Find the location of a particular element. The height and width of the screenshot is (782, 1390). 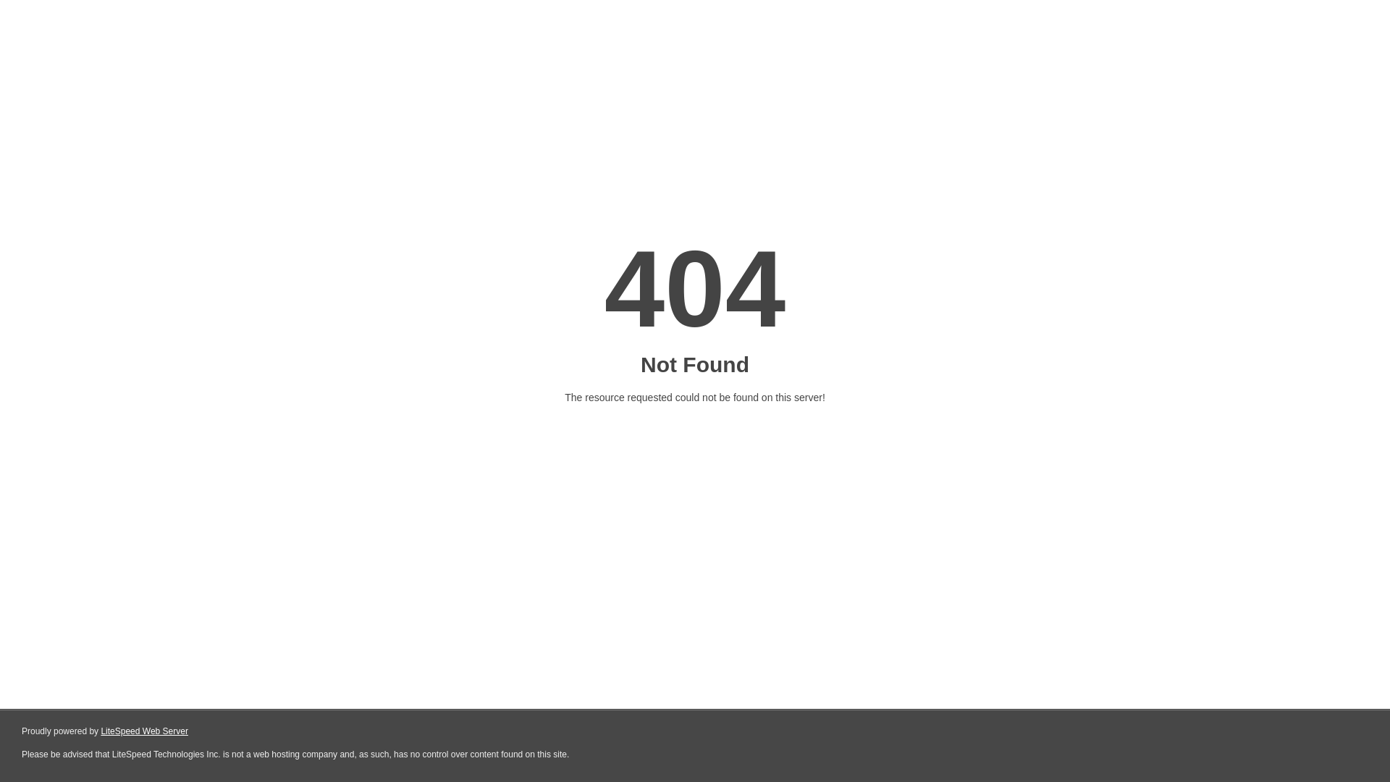

'LiteSpeed Web Server' is located at coordinates (100, 731).